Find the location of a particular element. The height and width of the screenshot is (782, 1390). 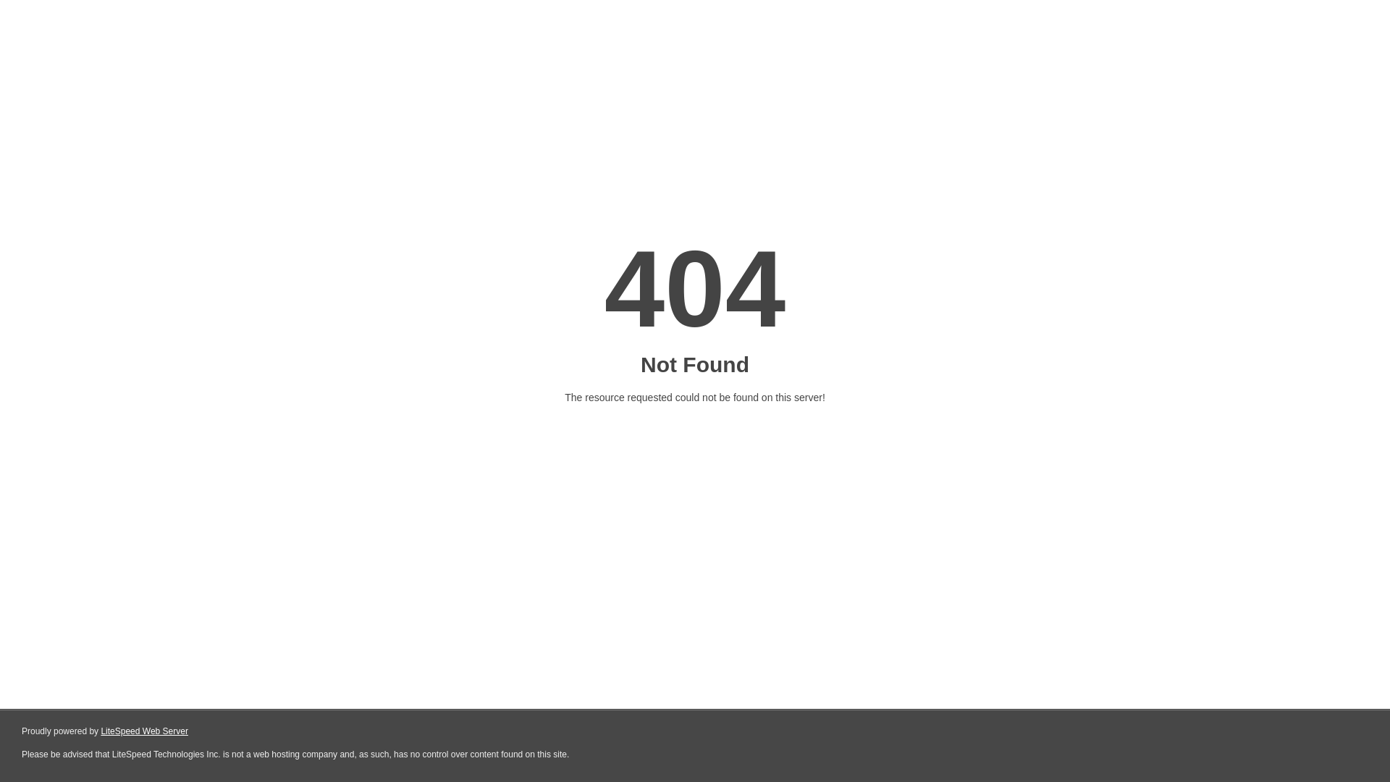

'LiteSpeed Web Server' is located at coordinates (100, 731).